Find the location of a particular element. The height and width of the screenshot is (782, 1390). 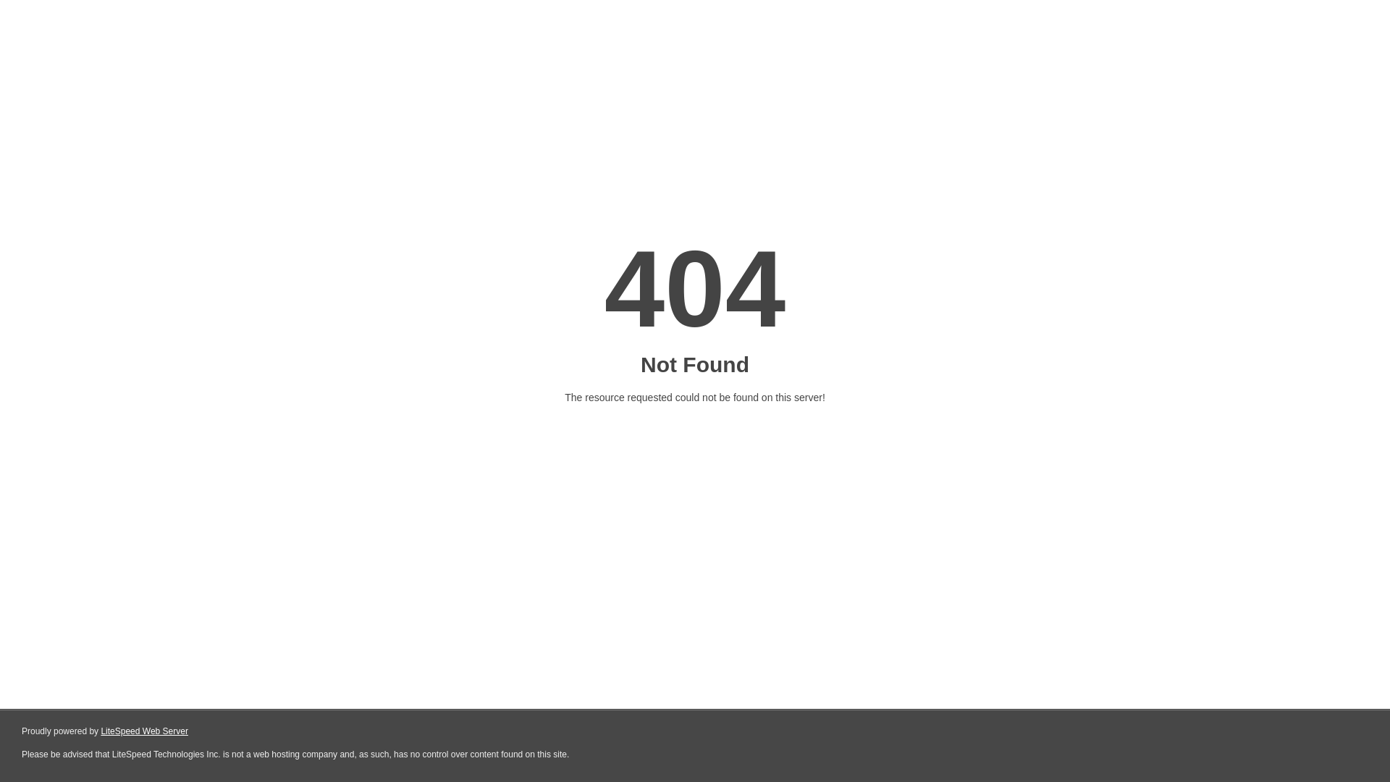

'LiteSpeed Web Server' is located at coordinates (100, 731).